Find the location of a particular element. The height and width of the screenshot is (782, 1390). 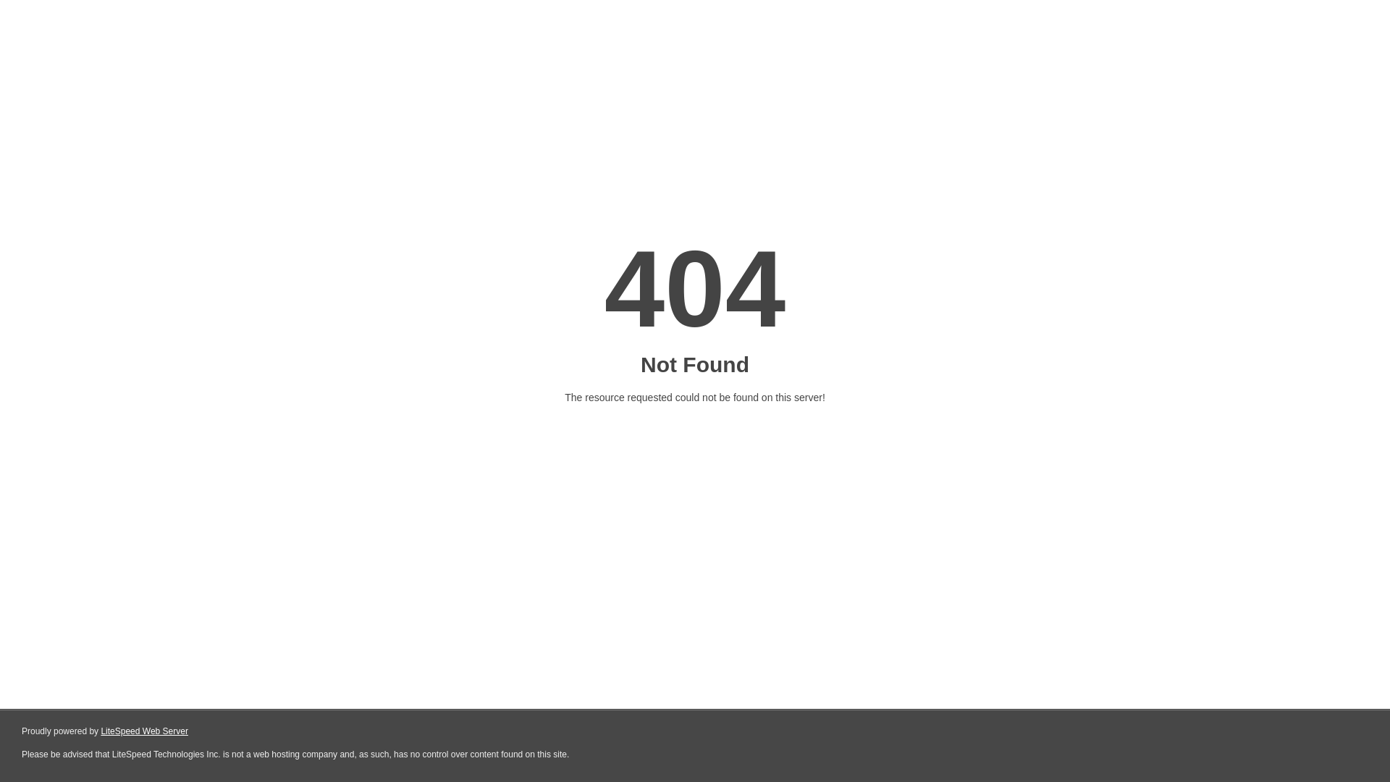

'LiteSpeed Web Server' is located at coordinates (100, 731).